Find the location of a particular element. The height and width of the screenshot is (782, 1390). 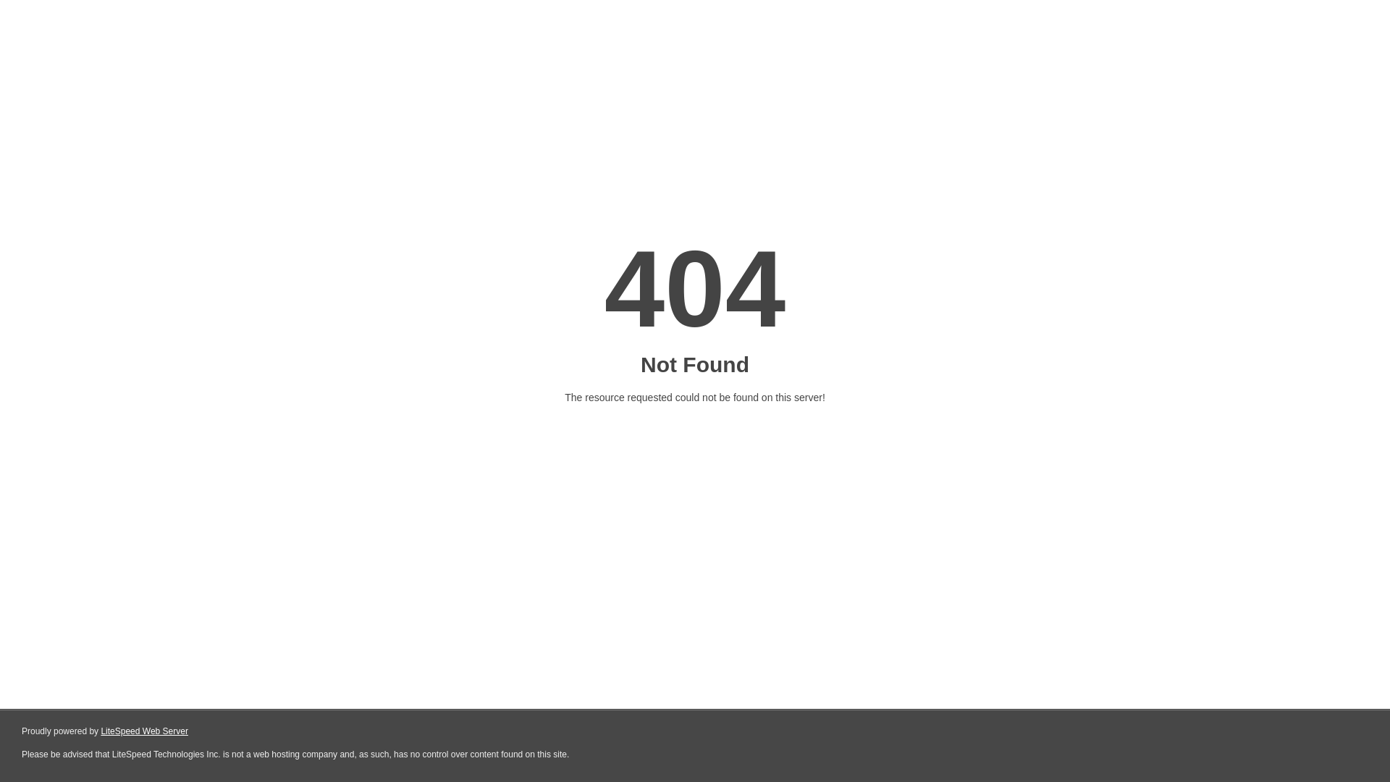

'LiteSpeed Web Server' is located at coordinates (100, 731).